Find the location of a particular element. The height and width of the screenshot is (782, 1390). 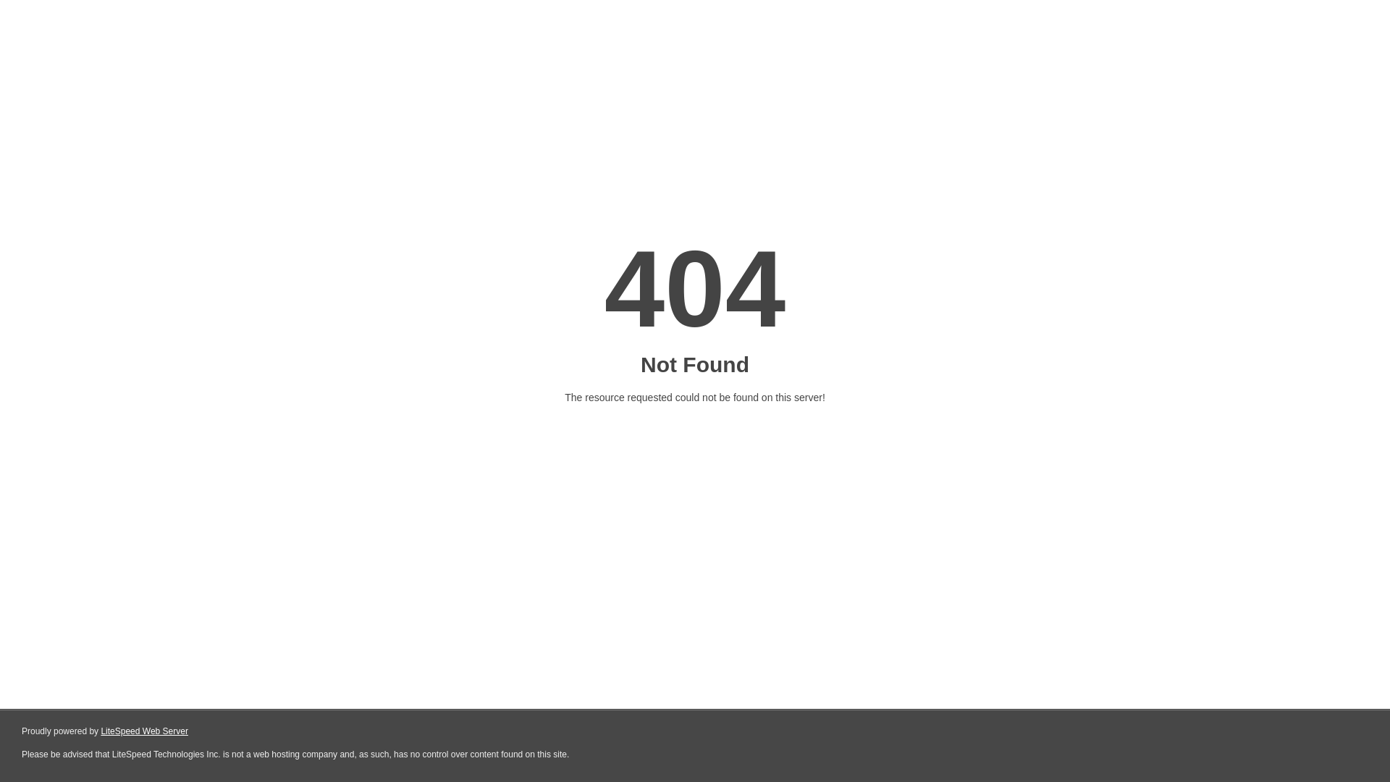

'LiteSpeed Web Server' is located at coordinates (100, 731).